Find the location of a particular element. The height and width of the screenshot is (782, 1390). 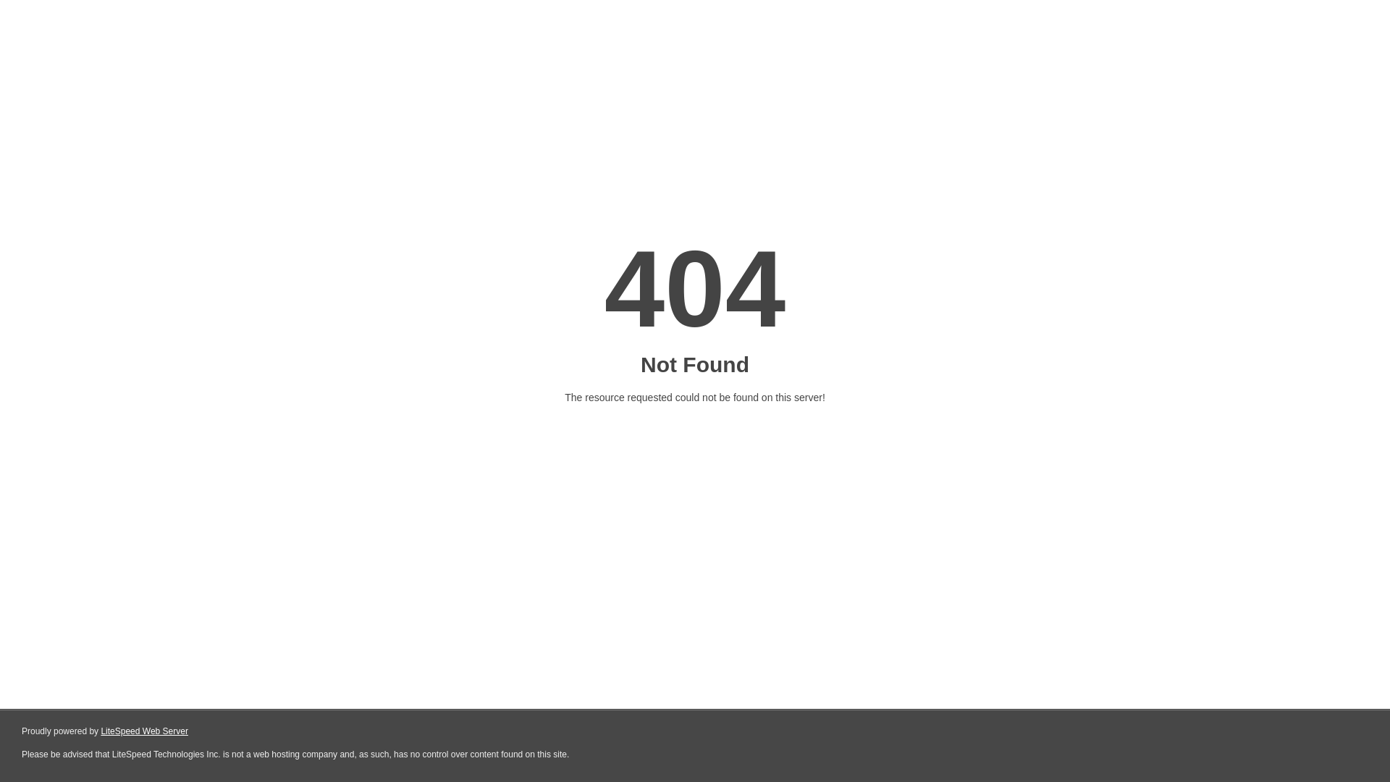

'LiteSpeed Web Server' is located at coordinates (100, 731).